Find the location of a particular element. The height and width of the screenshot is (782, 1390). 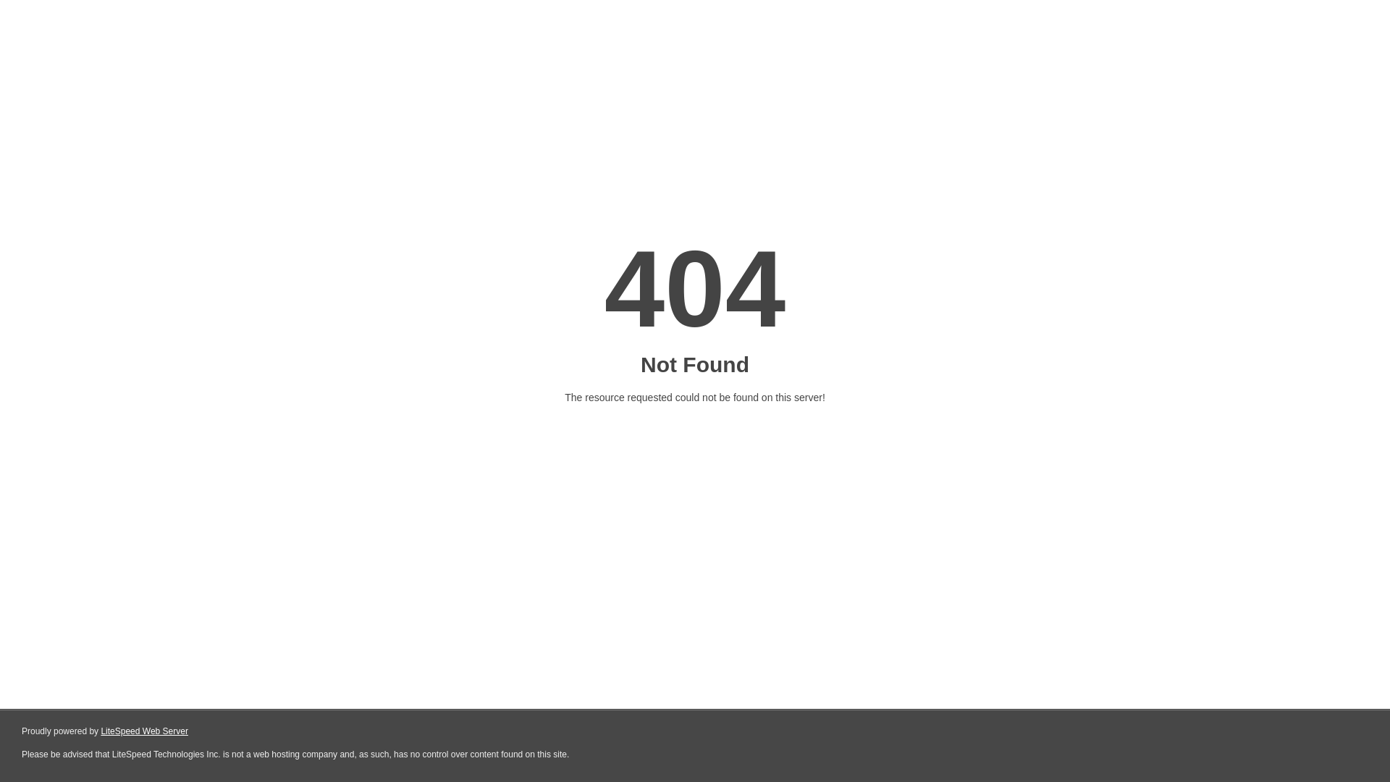

'LiteSpeed Web Server' is located at coordinates (100, 731).